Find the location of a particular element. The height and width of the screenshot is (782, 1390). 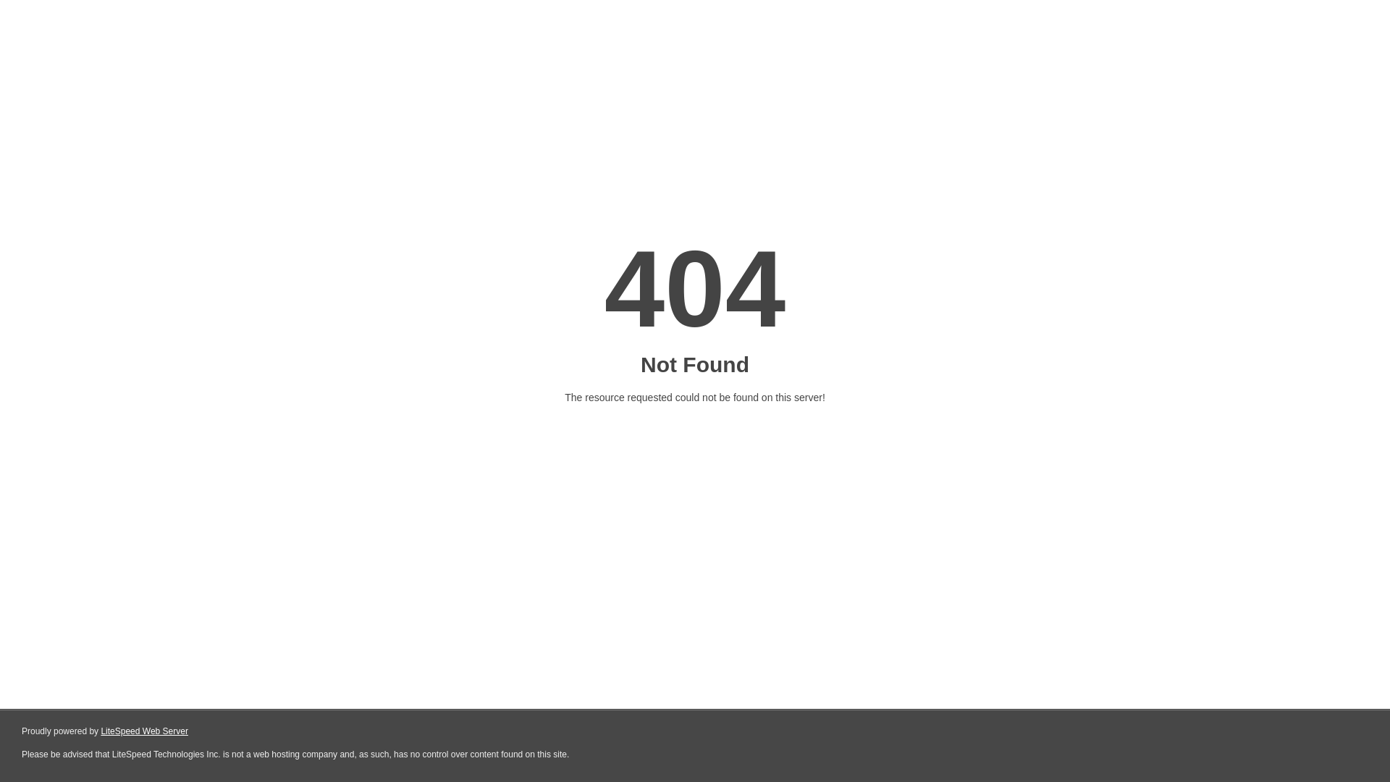

'LiteSpeed Web Server' is located at coordinates (100, 731).